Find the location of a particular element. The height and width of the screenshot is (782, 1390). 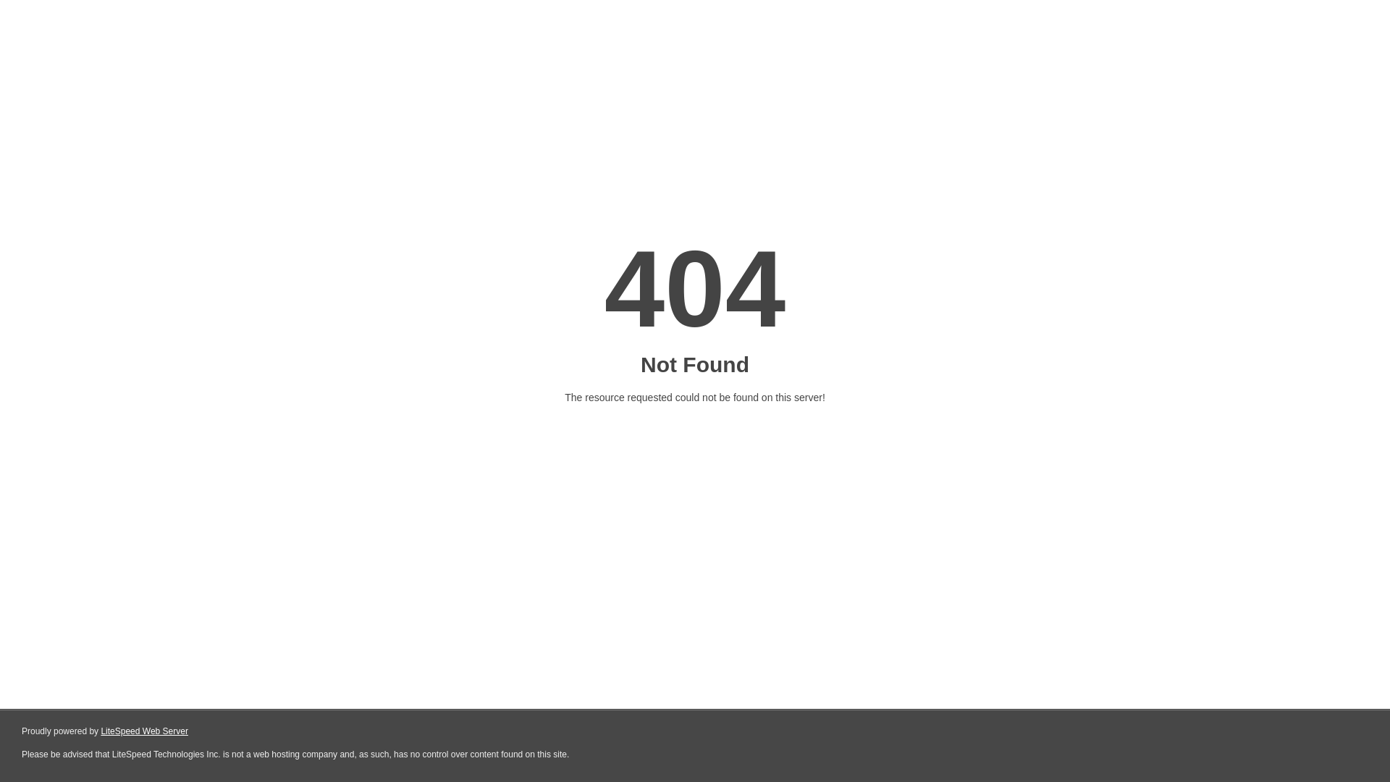

'LiteSpeed Web Server' is located at coordinates (100, 731).